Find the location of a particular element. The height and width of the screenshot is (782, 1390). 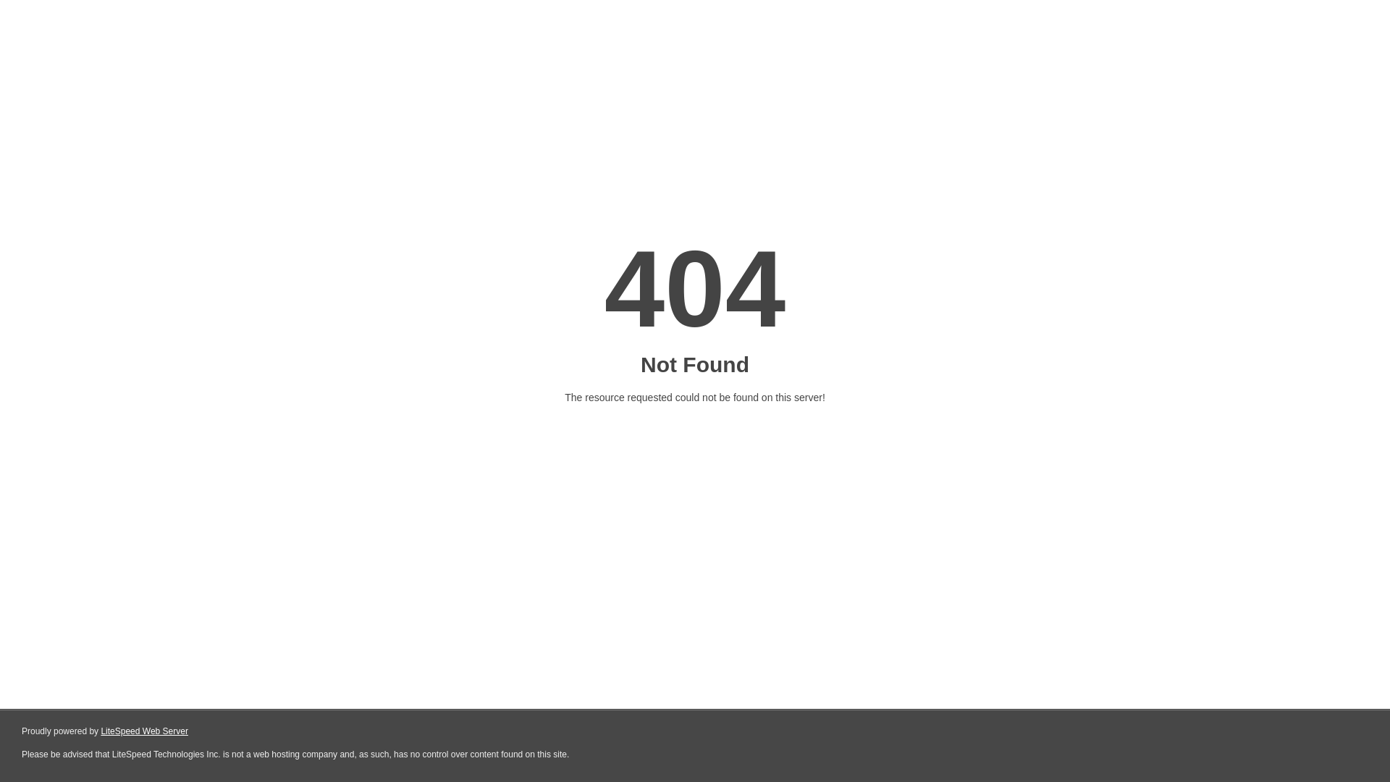

'LiteSpeed Web Server' is located at coordinates (100, 731).